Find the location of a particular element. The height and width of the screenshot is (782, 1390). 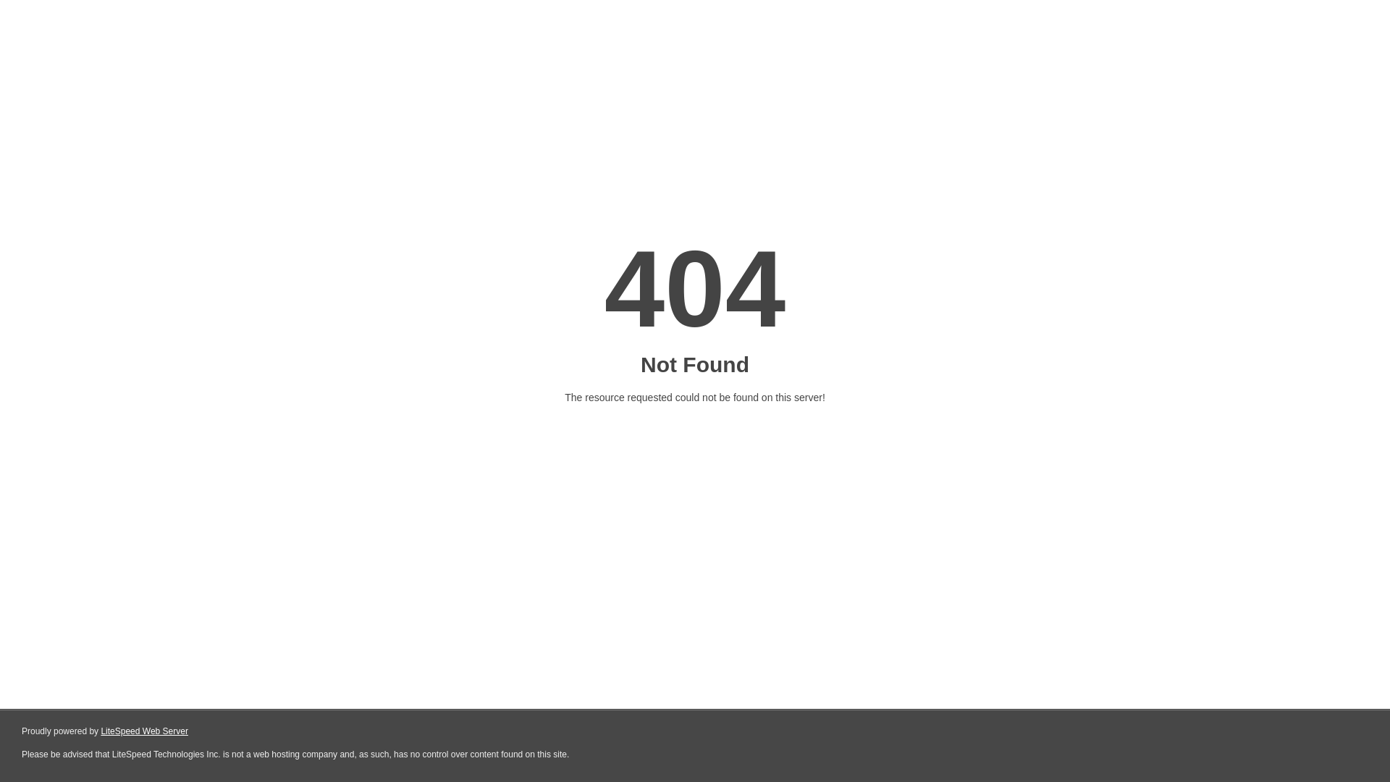

'LiteSpeed Web Server' is located at coordinates (100, 731).